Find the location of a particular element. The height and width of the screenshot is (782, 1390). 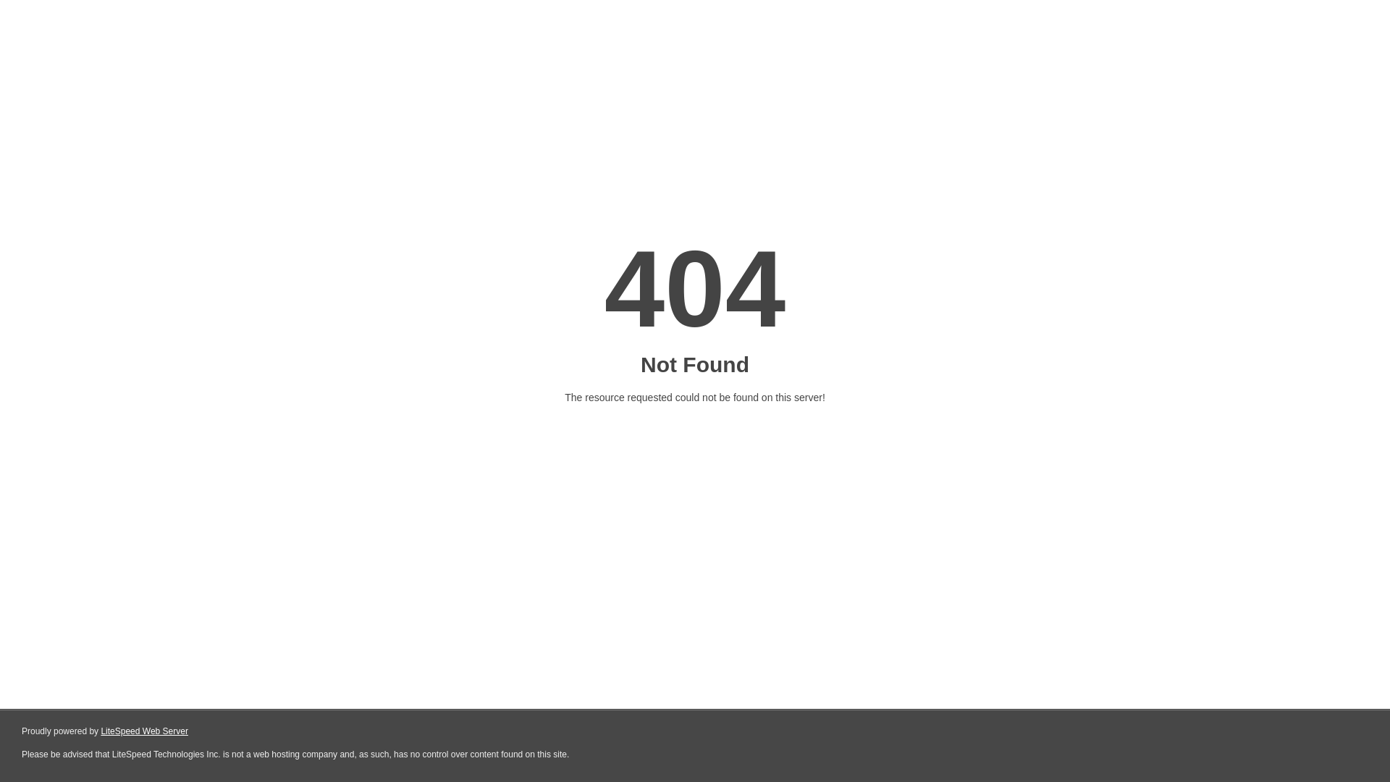

'LiteSpeed Web Server' is located at coordinates (100, 731).